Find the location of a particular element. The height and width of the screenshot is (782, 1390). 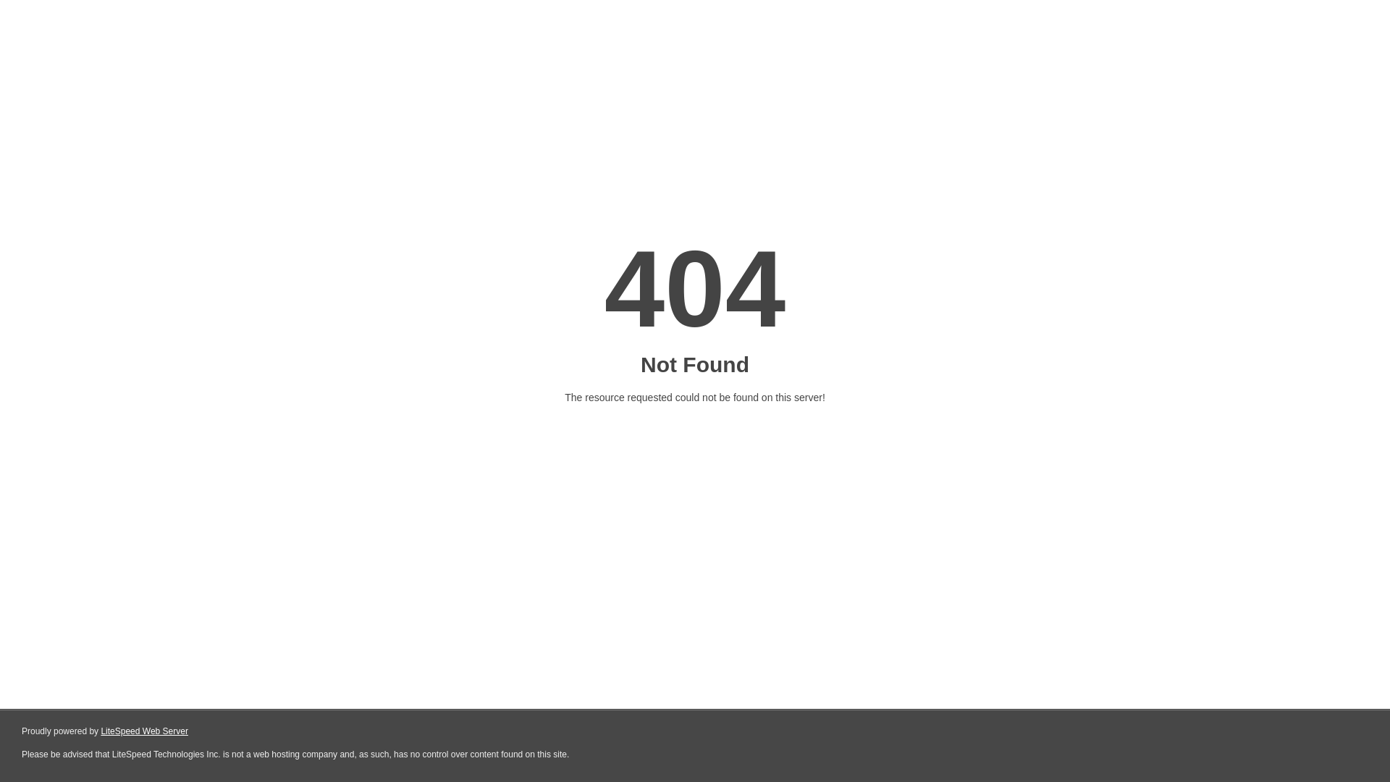

'LiteSpeed Web Server' is located at coordinates (100, 731).